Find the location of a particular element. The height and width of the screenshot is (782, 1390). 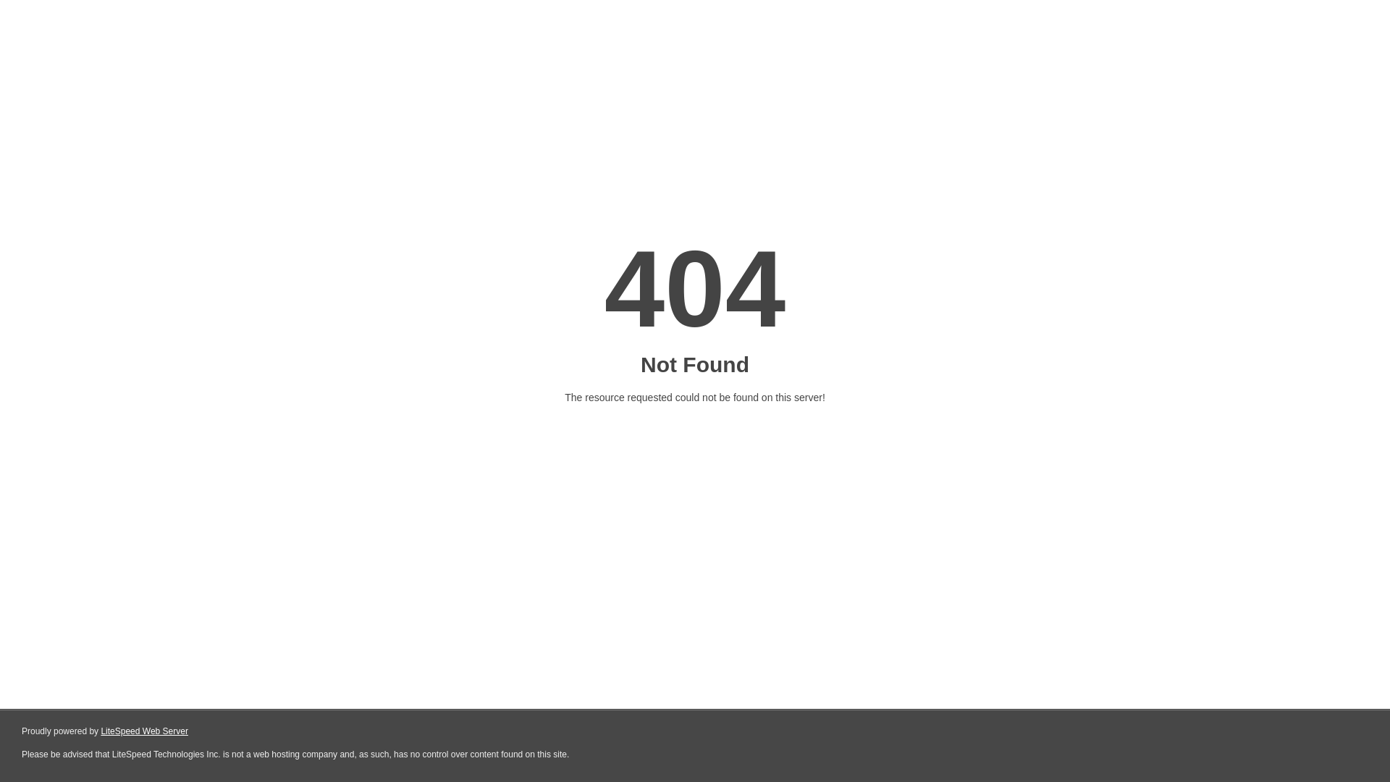

'LiteSpeed Web Server' is located at coordinates (100, 731).